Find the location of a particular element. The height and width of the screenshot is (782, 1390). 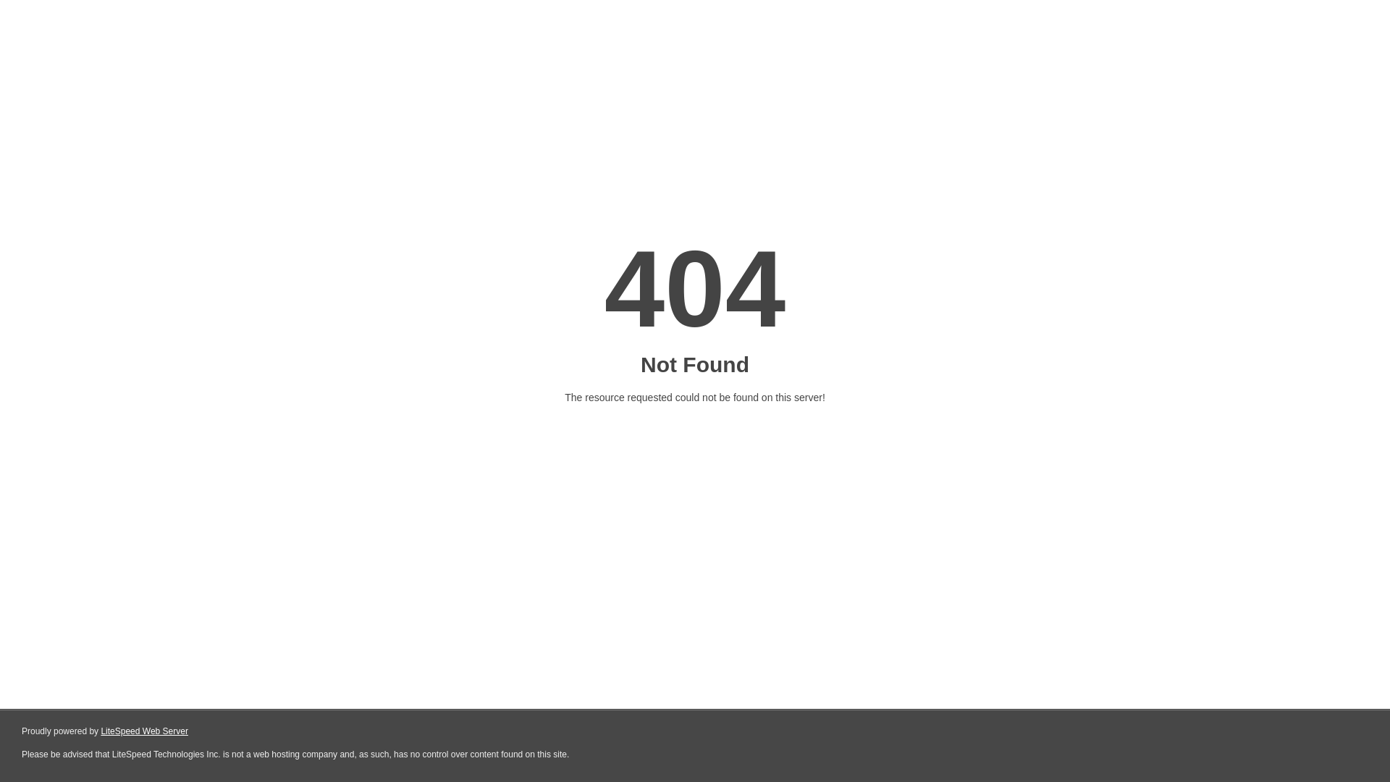

'LiteSpeed Web Server' is located at coordinates (100, 731).